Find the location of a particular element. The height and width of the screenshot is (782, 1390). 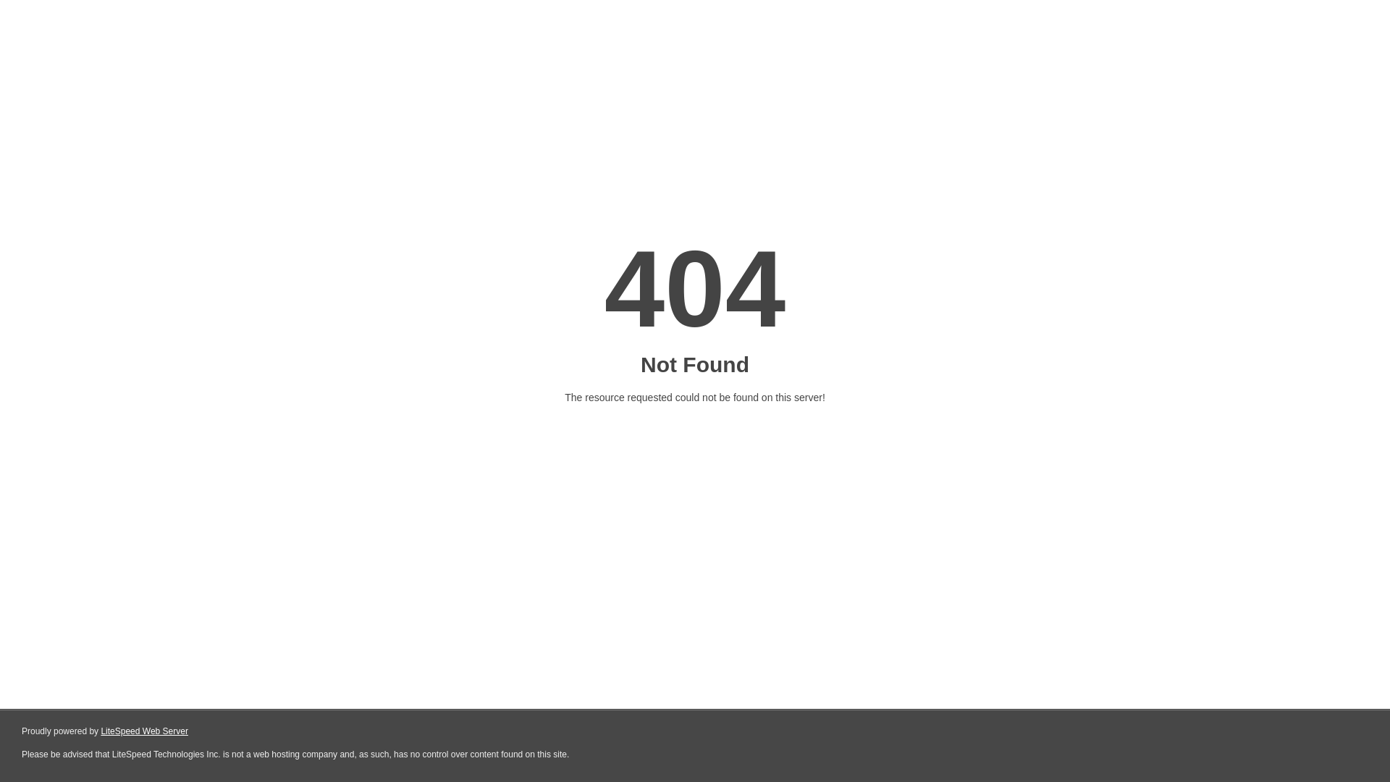

'LiteSpeed Web Server' is located at coordinates (100, 731).